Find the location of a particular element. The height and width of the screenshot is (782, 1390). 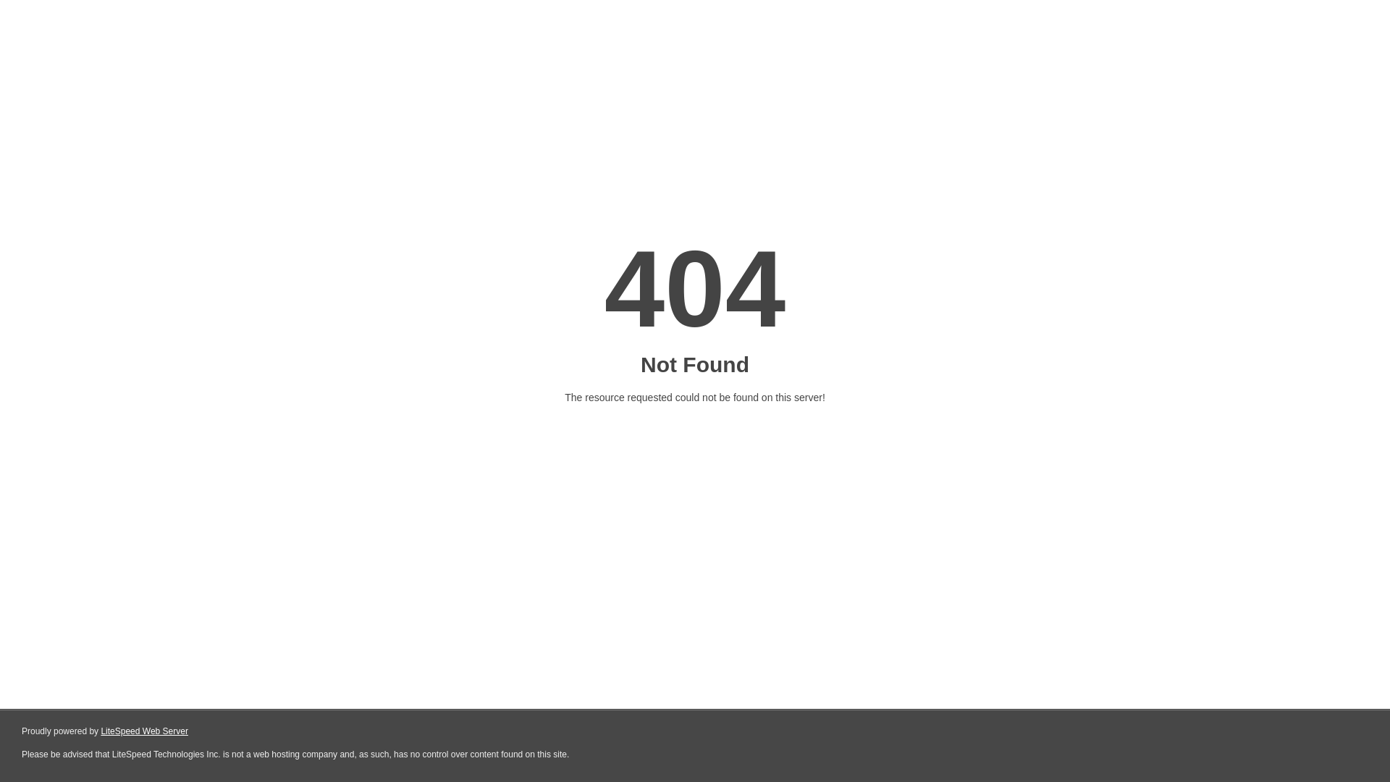

'LiteSpeed Web Server' is located at coordinates (100, 731).